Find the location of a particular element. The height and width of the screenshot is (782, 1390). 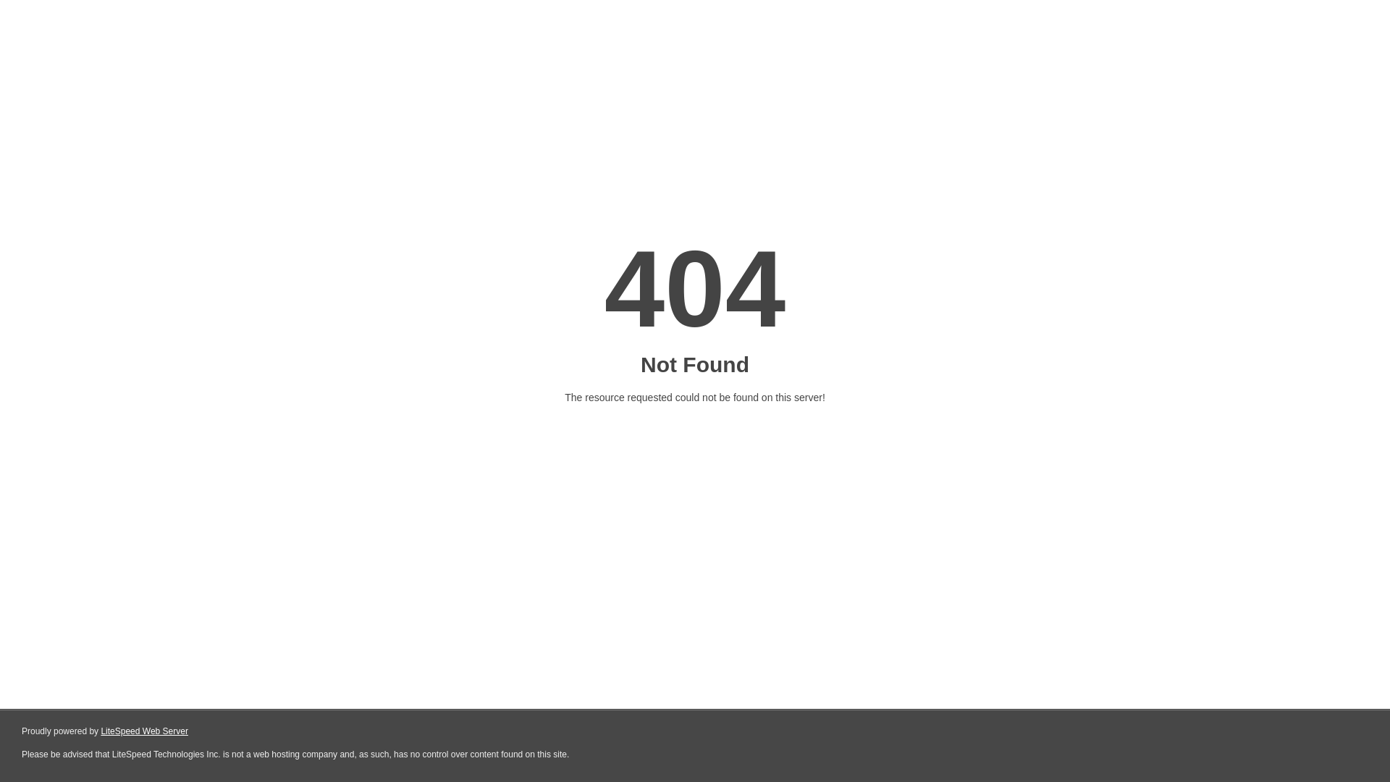

'LiteSpeed Web Server' is located at coordinates (100, 731).